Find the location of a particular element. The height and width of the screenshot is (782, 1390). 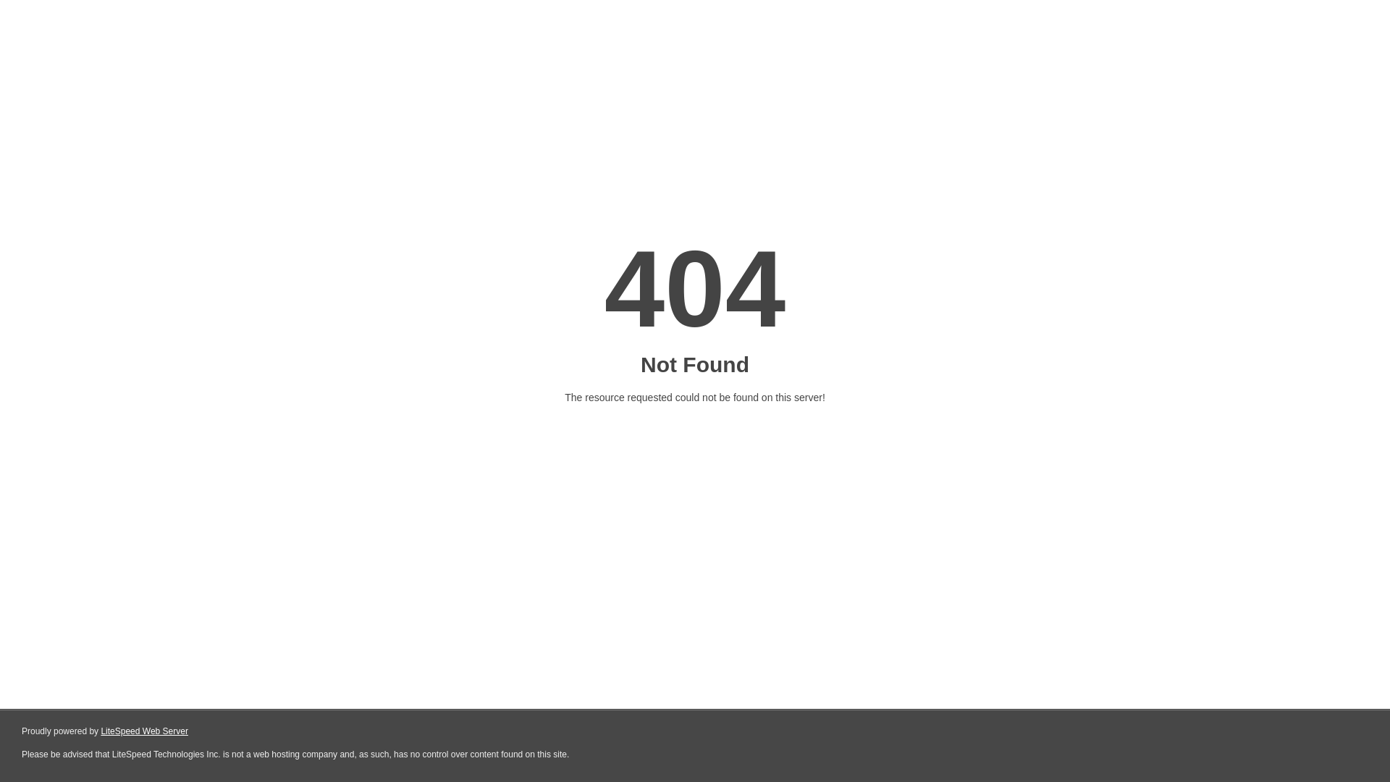

'LiteSpeed Web Server' is located at coordinates (100, 731).